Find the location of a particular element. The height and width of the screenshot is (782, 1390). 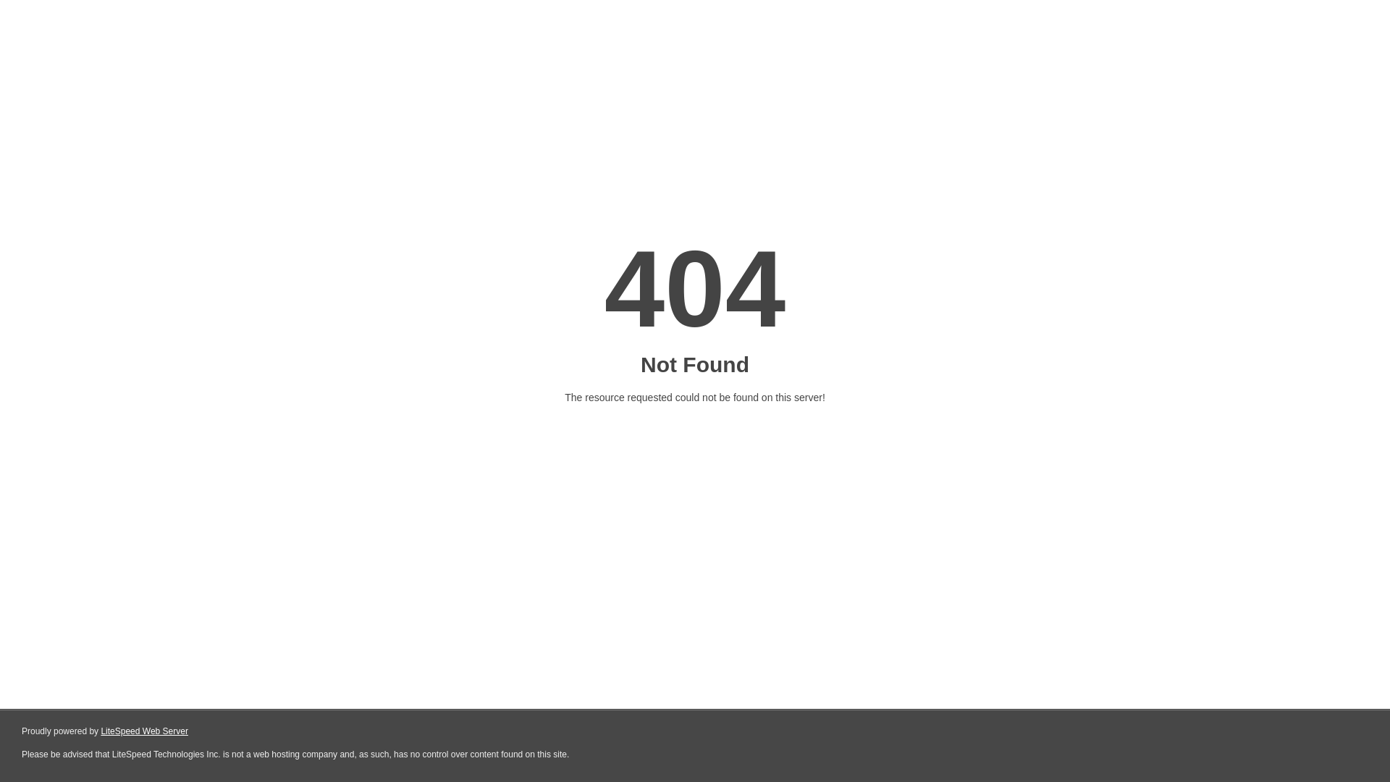

'LiteSpeed Web Server' is located at coordinates (100, 731).